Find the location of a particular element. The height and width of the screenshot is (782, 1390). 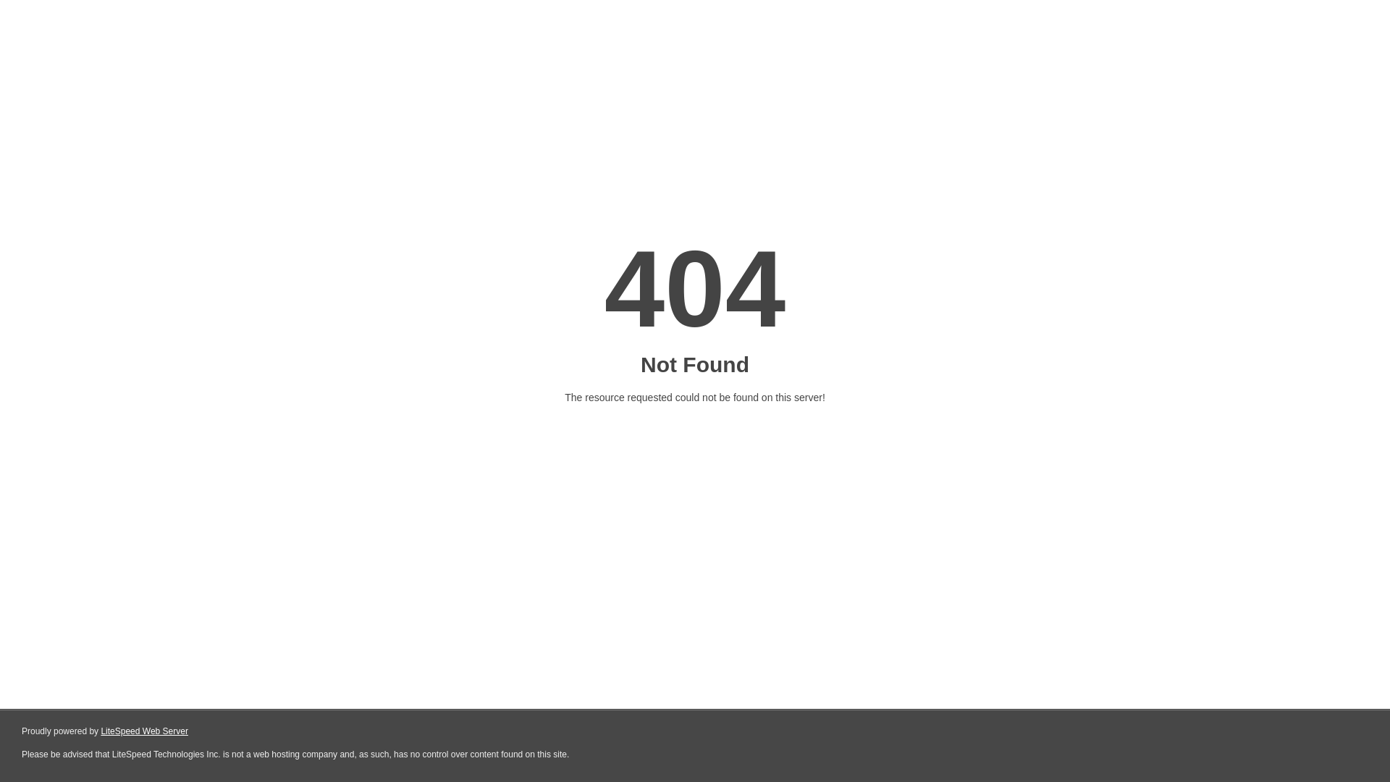

'LiteSpeed Web Server' is located at coordinates (100, 731).